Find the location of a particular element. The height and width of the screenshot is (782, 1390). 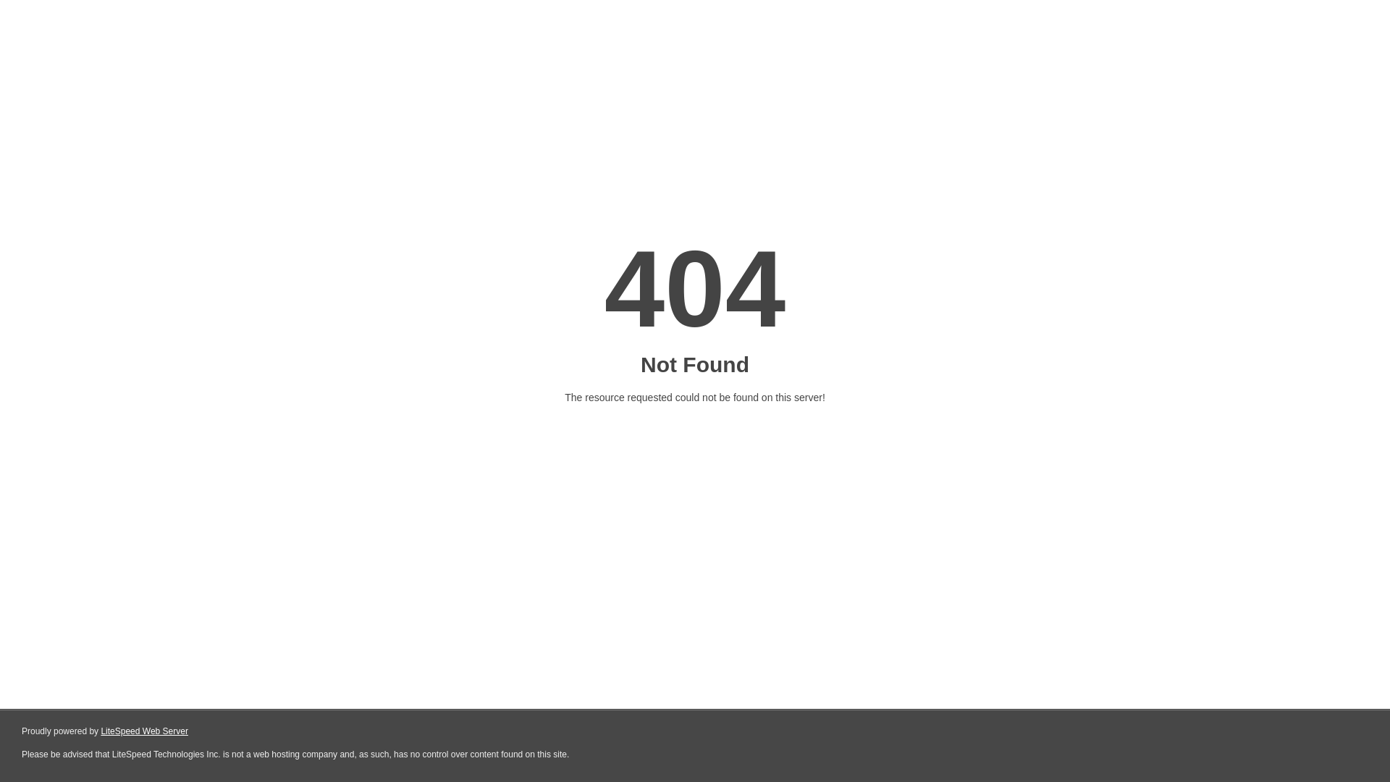

'LiteSpeed Web Server' is located at coordinates (100, 731).